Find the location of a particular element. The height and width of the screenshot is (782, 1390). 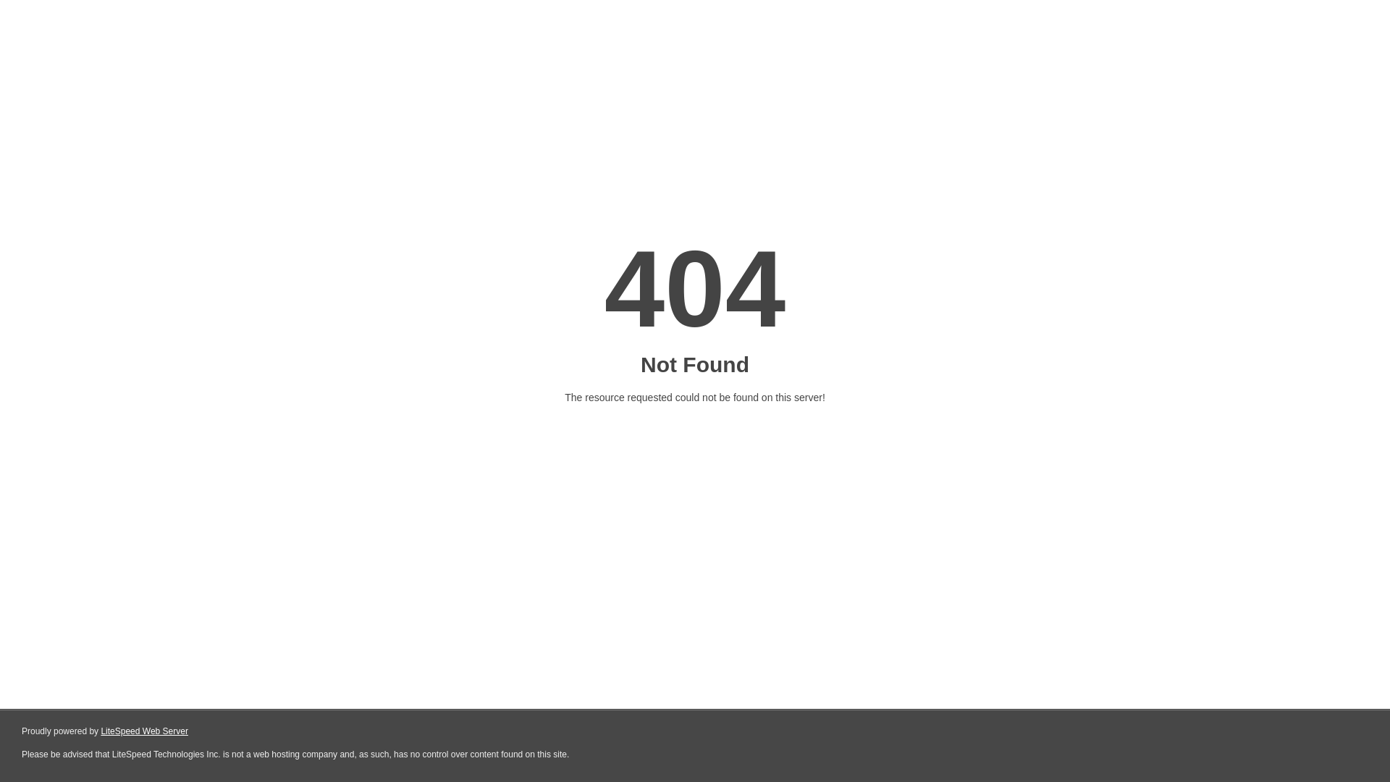

'LiteSpeed Web Server' is located at coordinates (100, 731).